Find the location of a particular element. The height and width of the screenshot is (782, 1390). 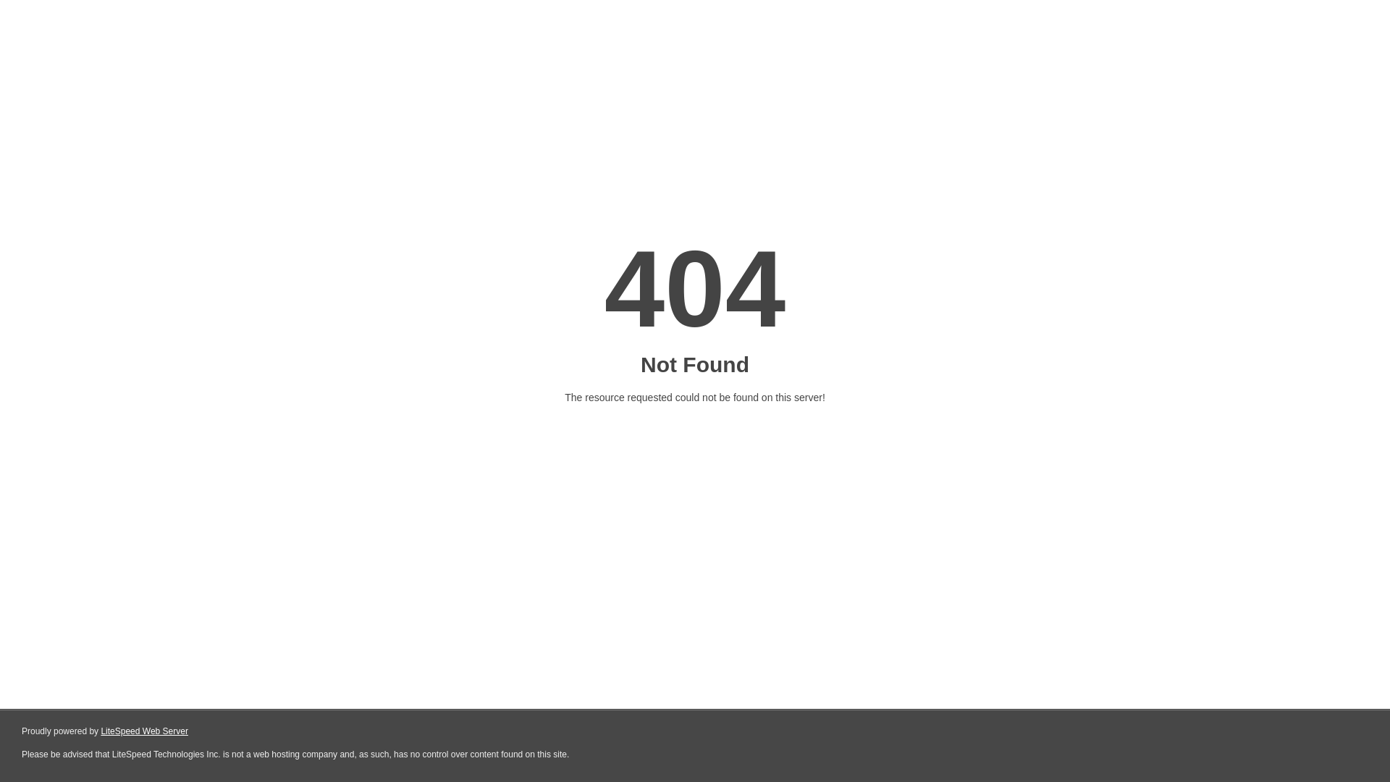

'LiteSpeed Web Server' is located at coordinates (100, 731).